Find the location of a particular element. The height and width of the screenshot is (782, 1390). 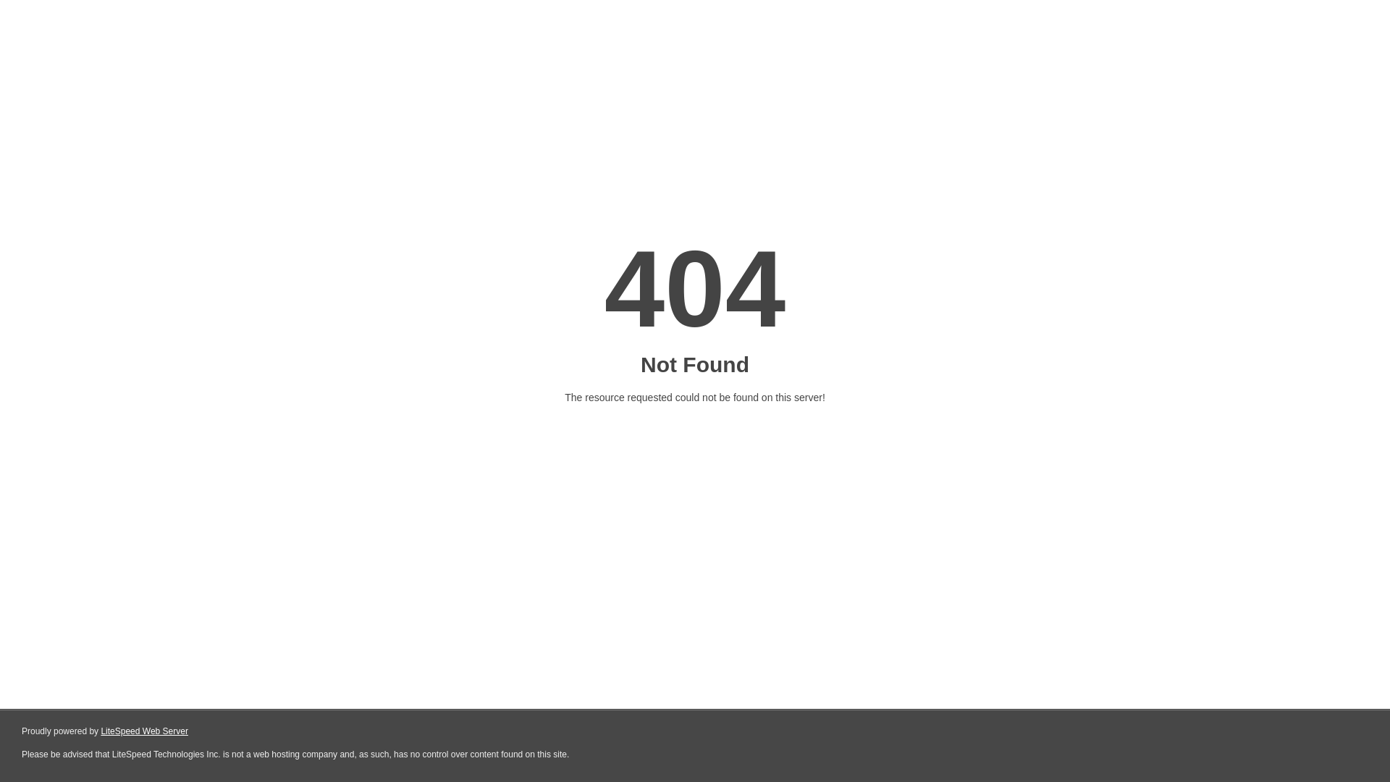

'LiteSpeed Web Server' is located at coordinates (100, 731).